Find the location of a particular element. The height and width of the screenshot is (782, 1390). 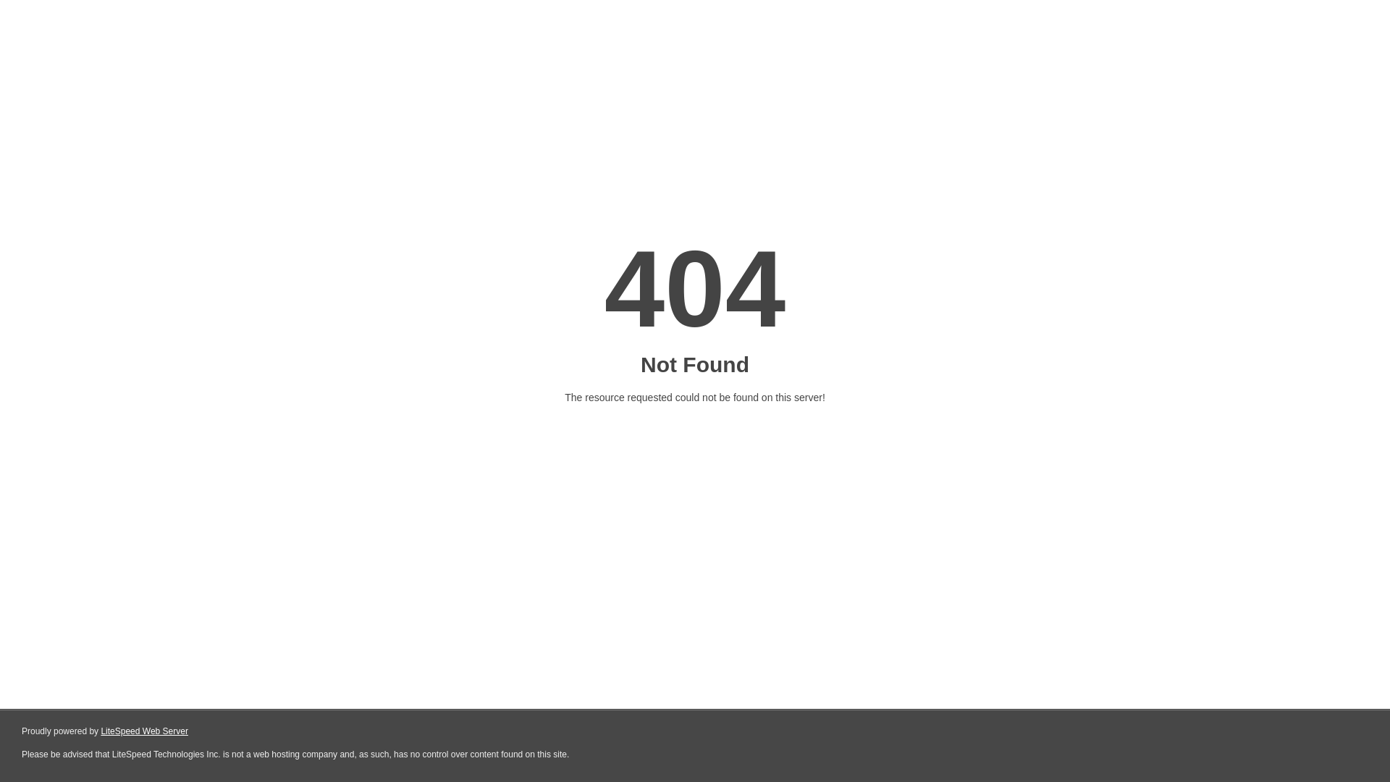

'LiteSpeed Web Server' is located at coordinates (100, 731).